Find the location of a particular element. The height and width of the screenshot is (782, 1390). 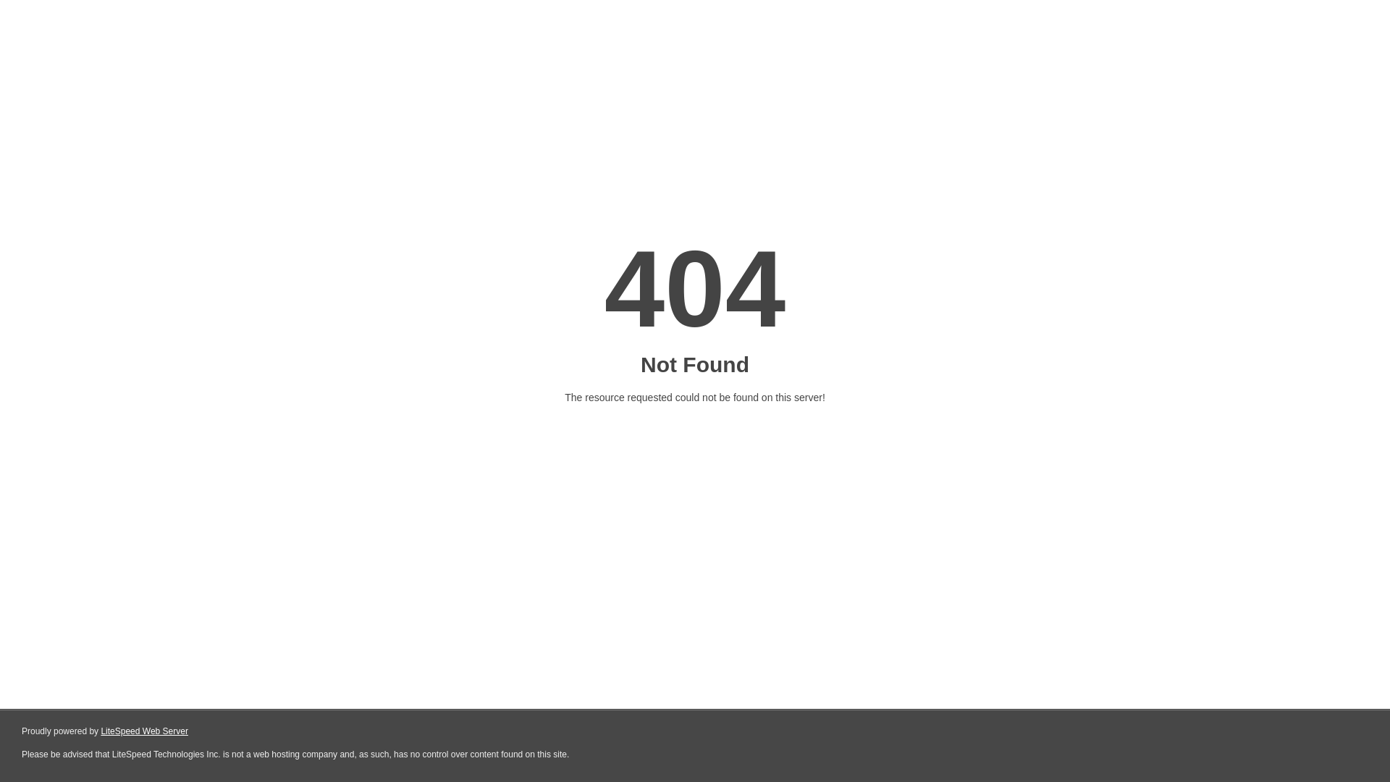

'LiteSpeed Web Server' is located at coordinates (100, 731).